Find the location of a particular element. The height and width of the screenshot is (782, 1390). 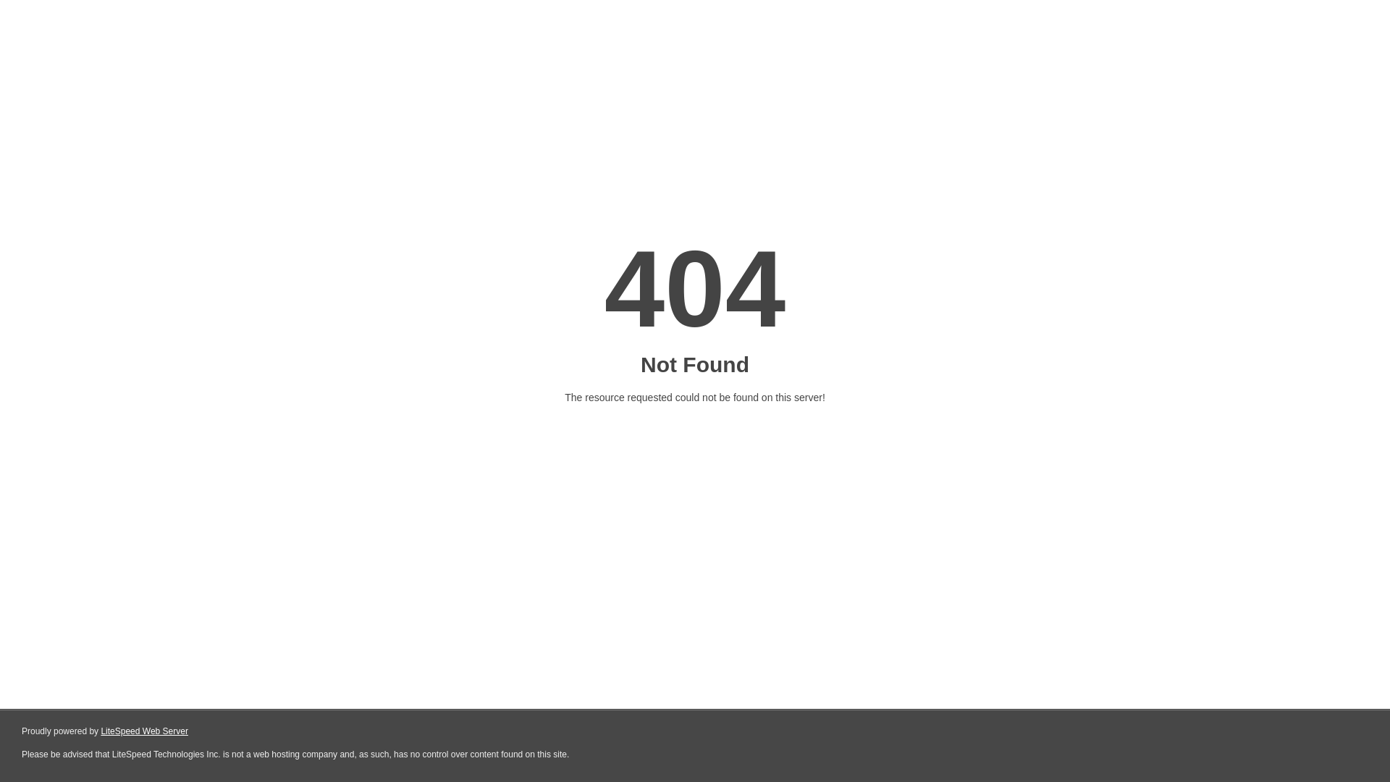

'LiteSpeed Web Server' is located at coordinates (100, 731).